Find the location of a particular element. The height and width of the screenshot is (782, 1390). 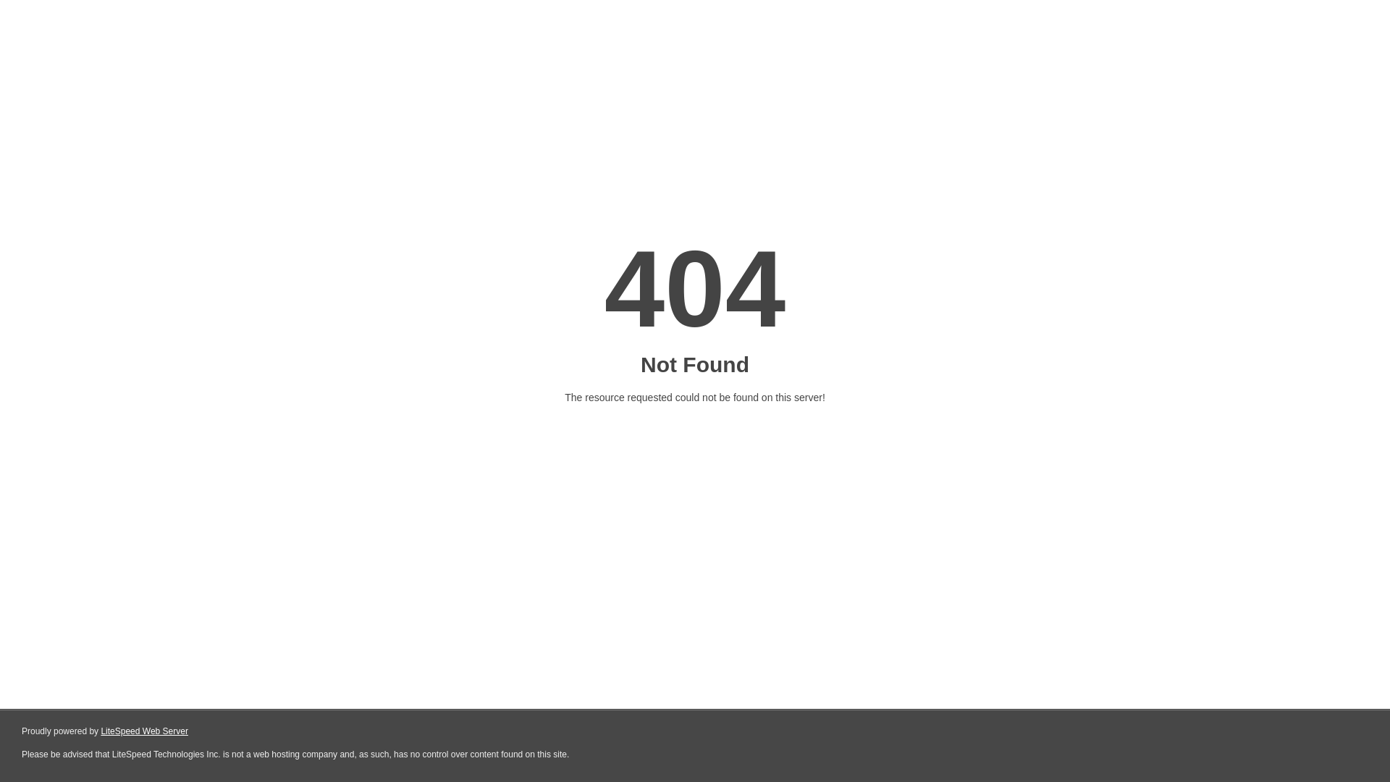

'LiteSpeed Web Server' is located at coordinates (100, 731).